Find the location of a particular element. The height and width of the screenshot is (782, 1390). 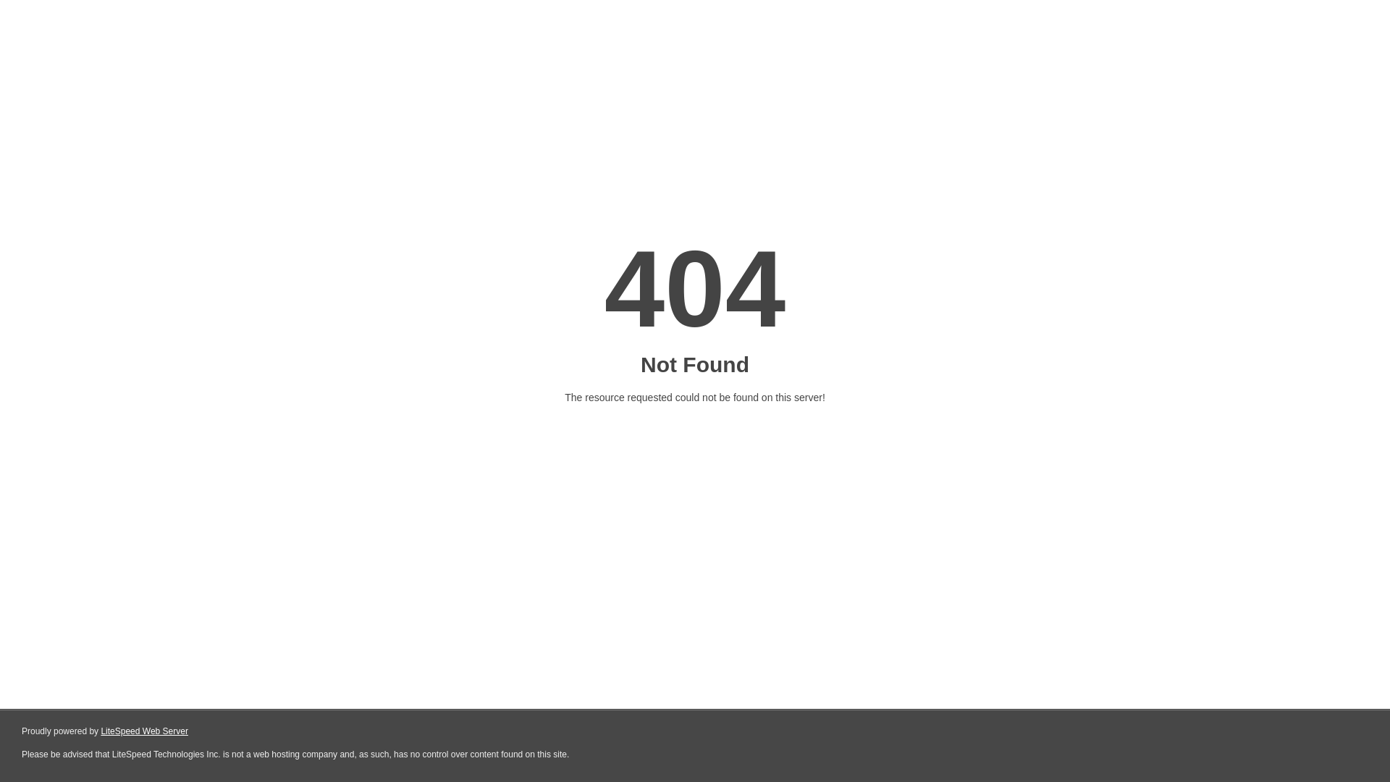

'LiteSpeed Web Server' is located at coordinates (100, 731).